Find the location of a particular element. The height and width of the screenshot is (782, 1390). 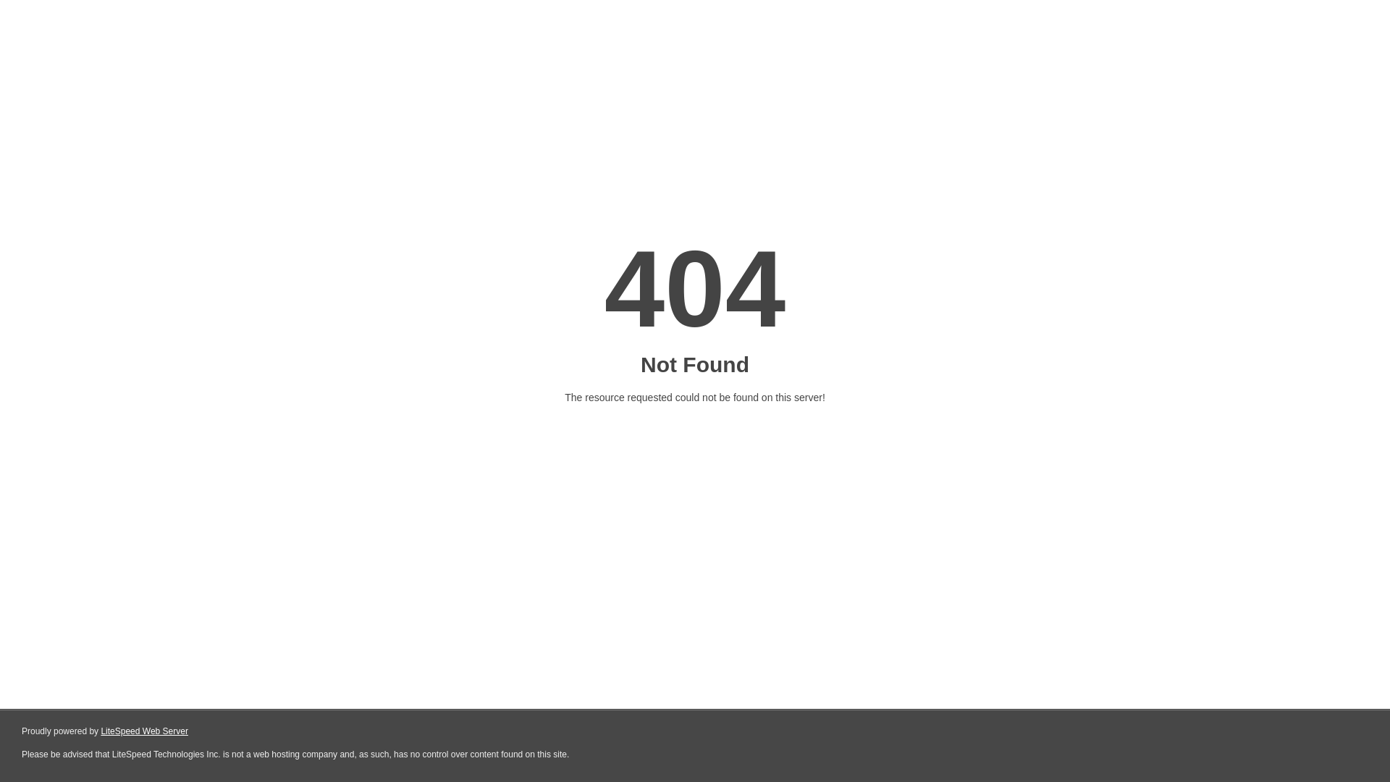

'LiteSpeed Web Server' is located at coordinates (100, 731).